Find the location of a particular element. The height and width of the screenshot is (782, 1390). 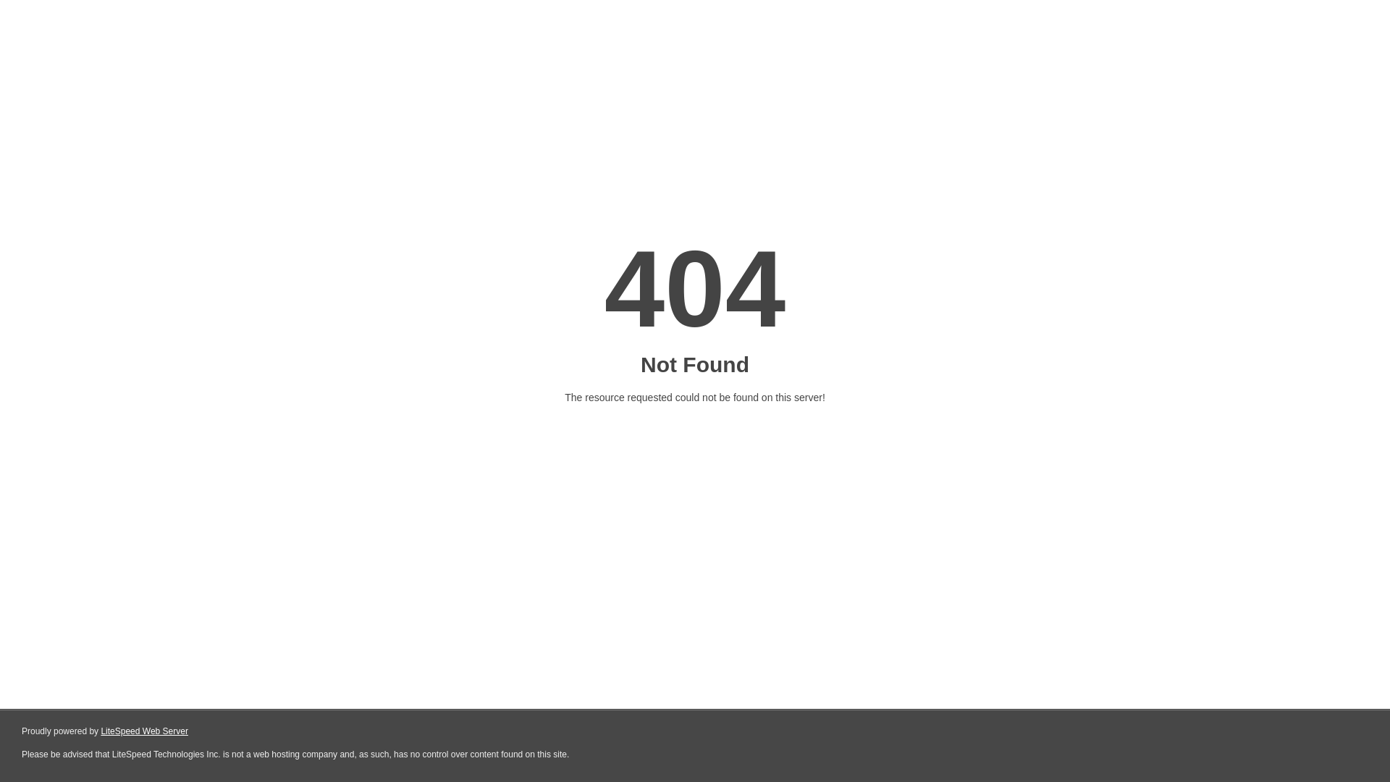

'LiteSpeed Web Server' is located at coordinates (100, 731).